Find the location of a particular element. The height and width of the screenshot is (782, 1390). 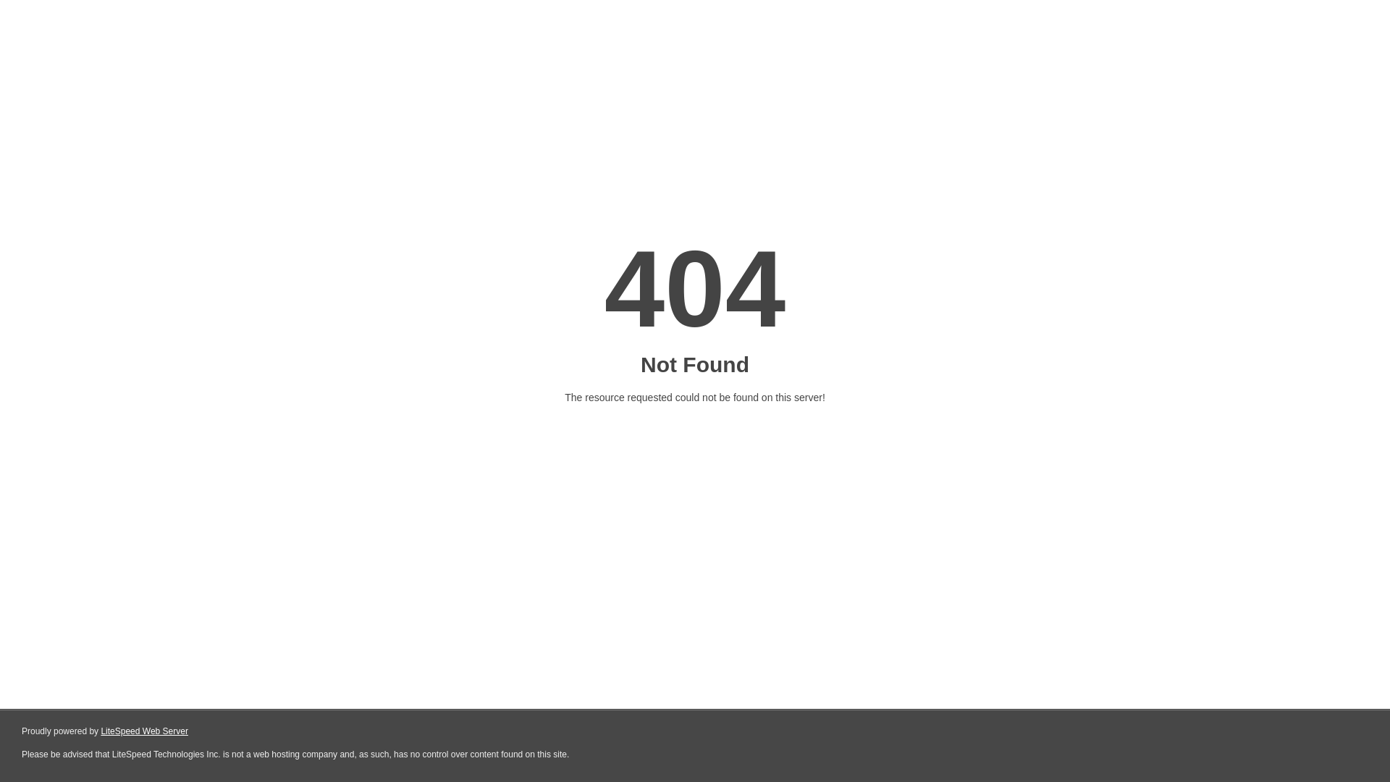

'LiteSpeed Web Server' is located at coordinates (100, 731).